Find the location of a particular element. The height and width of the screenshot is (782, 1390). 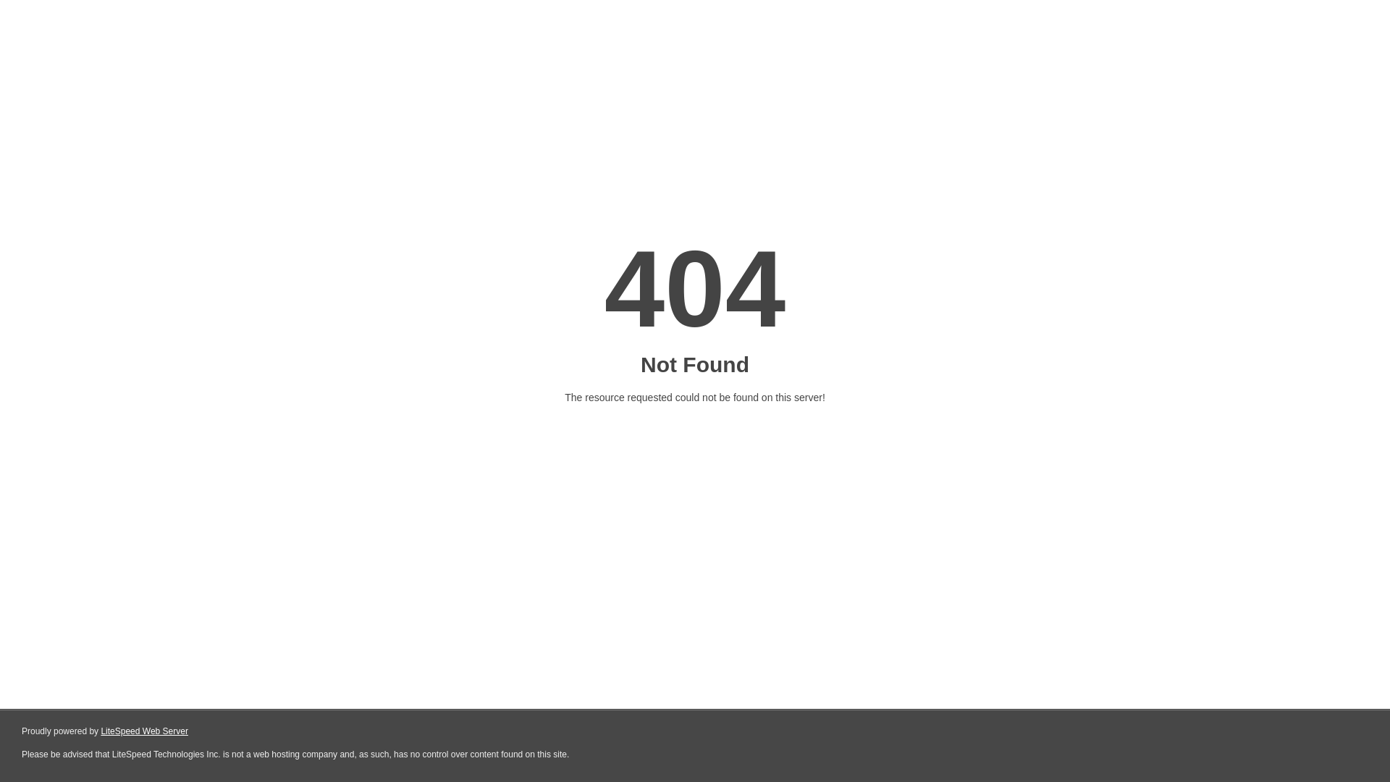

'LiteSpeed Web Server' is located at coordinates (100, 731).